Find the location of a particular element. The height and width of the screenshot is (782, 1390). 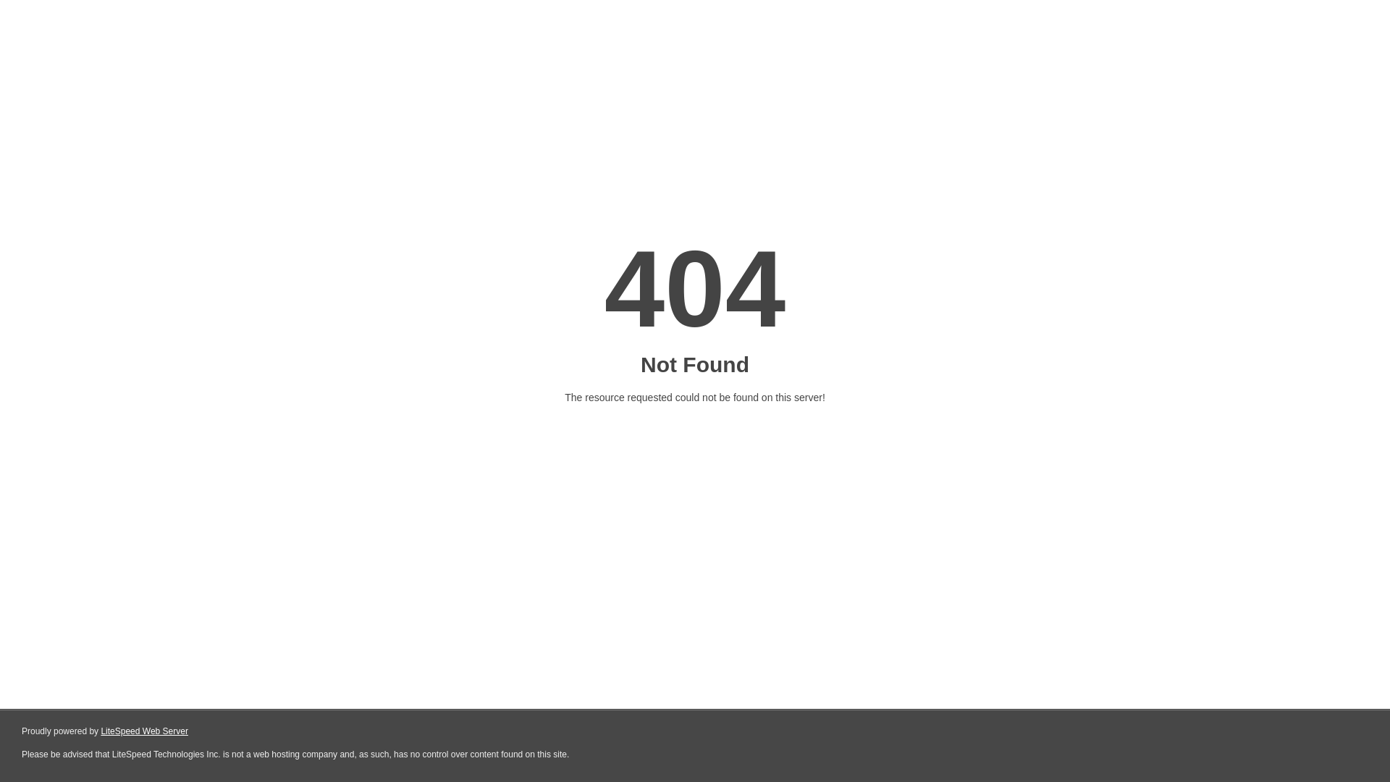

'LiteSpeed Web Server' is located at coordinates (100, 731).